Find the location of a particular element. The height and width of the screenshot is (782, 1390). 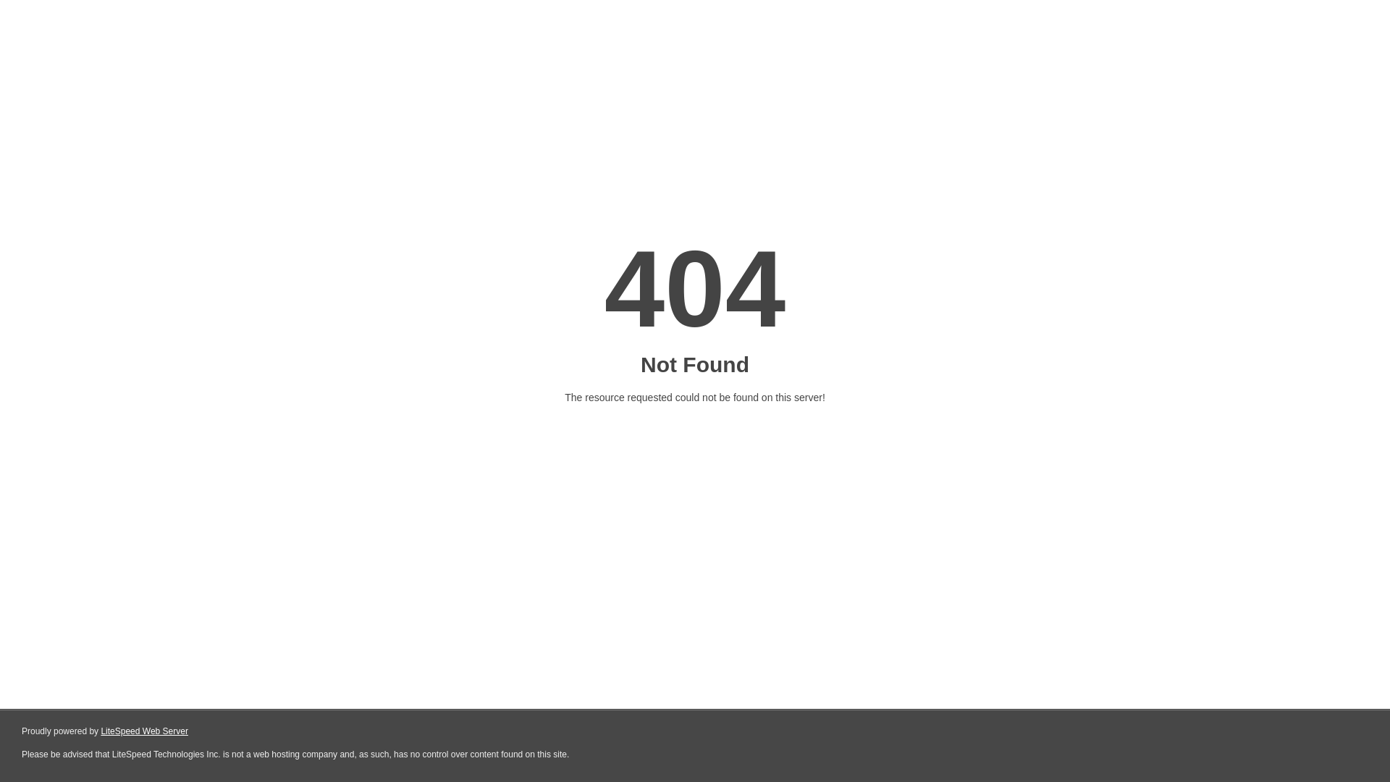

'LiteSpeed Web Server' is located at coordinates (100, 731).